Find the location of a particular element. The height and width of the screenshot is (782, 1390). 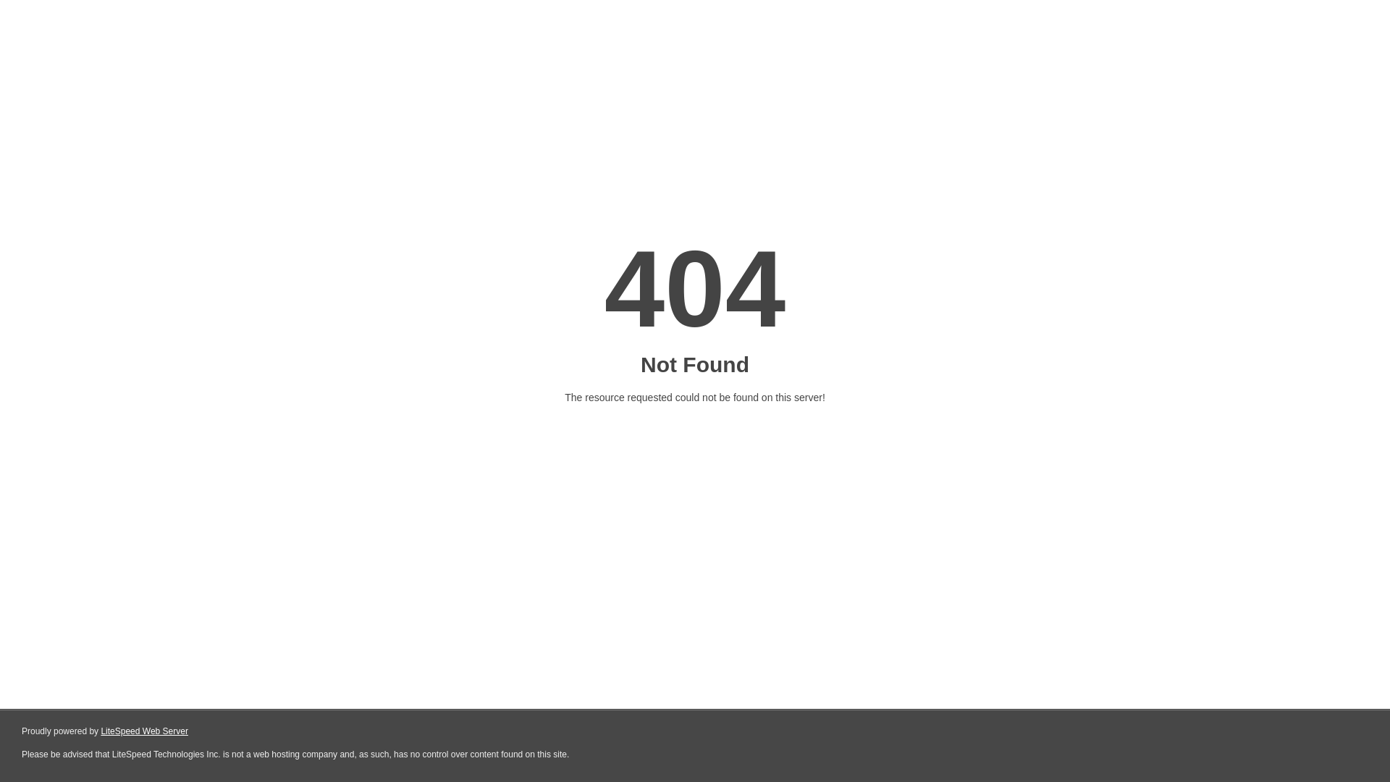

'LiteSpeed Web Server' is located at coordinates (100, 731).